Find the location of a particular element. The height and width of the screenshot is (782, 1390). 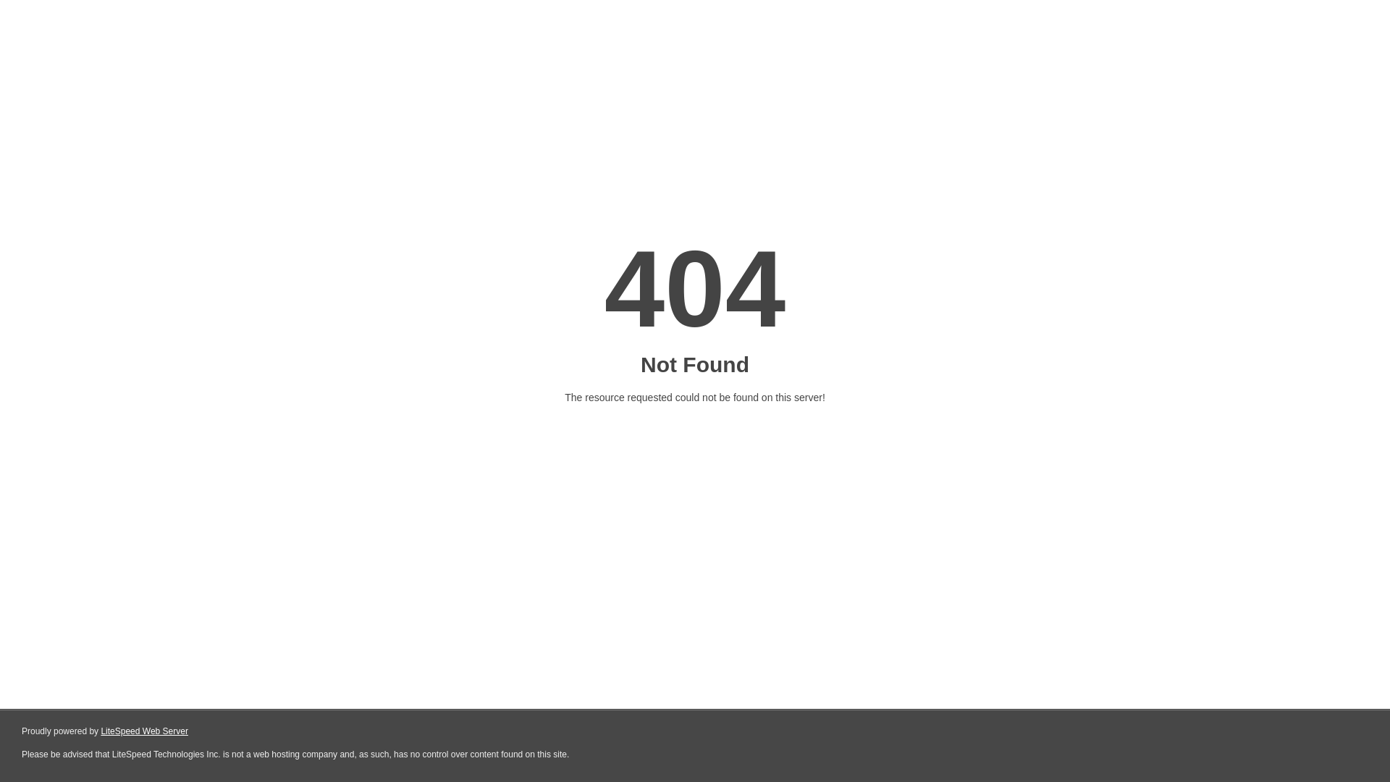

'LiteSpeed Web Server' is located at coordinates (100, 731).